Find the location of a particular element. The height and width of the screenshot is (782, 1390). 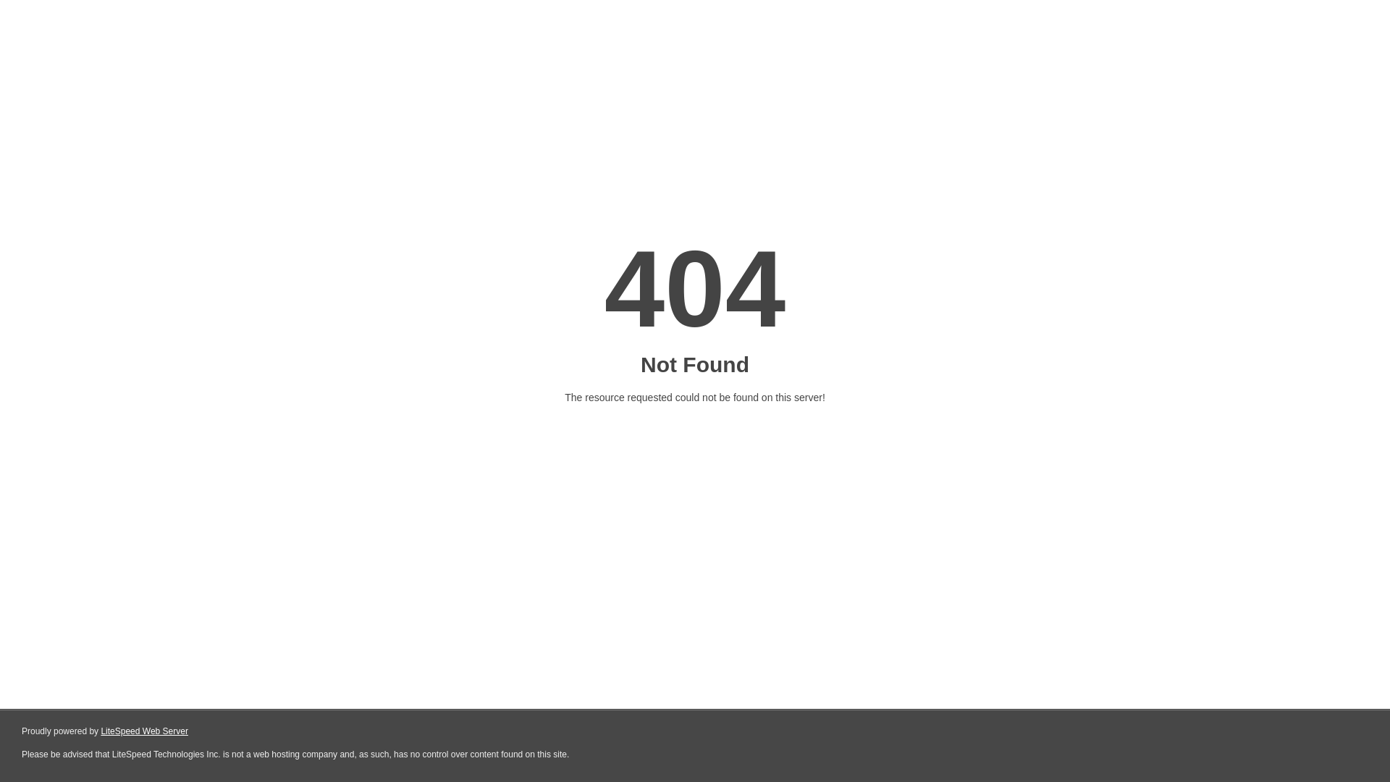

'LiteSpeed Web Server' is located at coordinates (100, 731).